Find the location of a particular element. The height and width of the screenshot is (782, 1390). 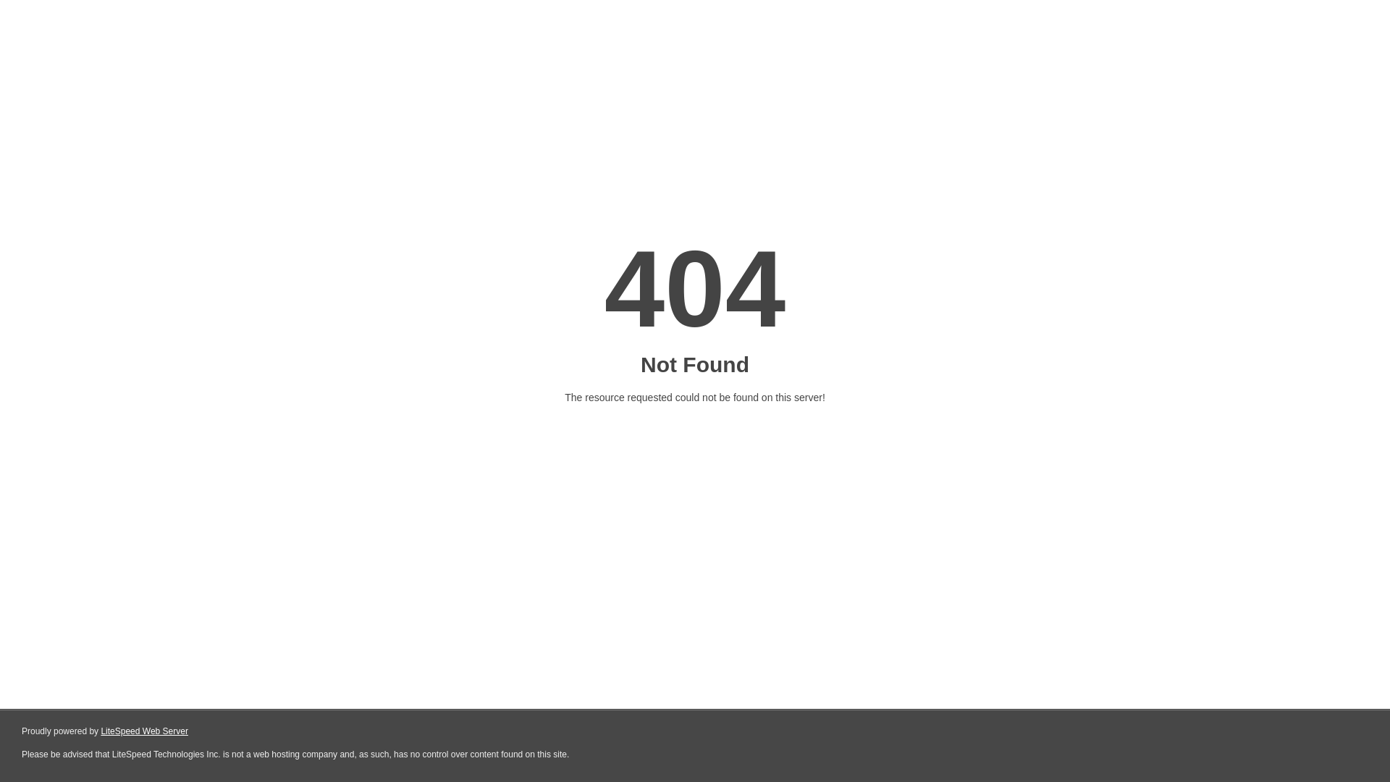

'LiteSpeed Web Server' is located at coordinates (100, 731).